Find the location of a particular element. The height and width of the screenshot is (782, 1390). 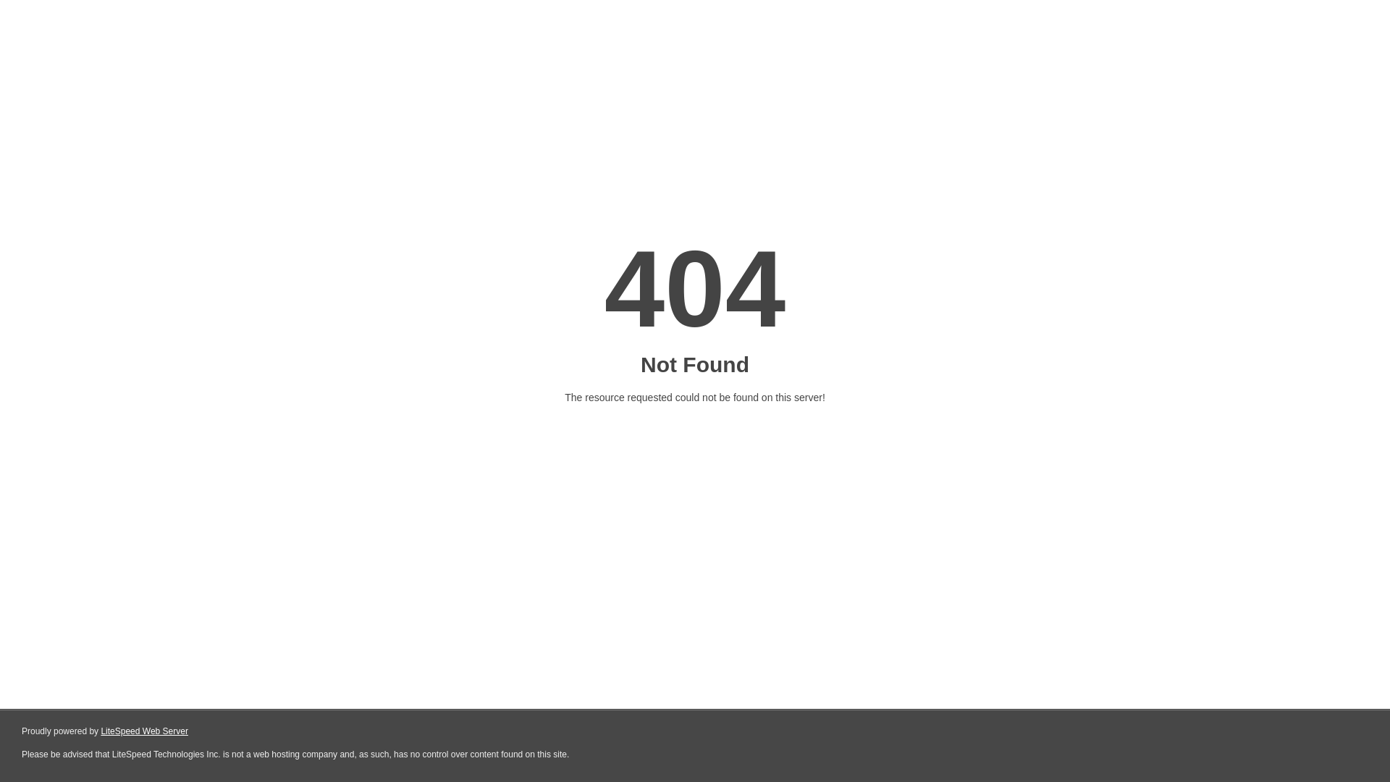

'LiteSpeed Web Server' is located at coordinates (100, 731).